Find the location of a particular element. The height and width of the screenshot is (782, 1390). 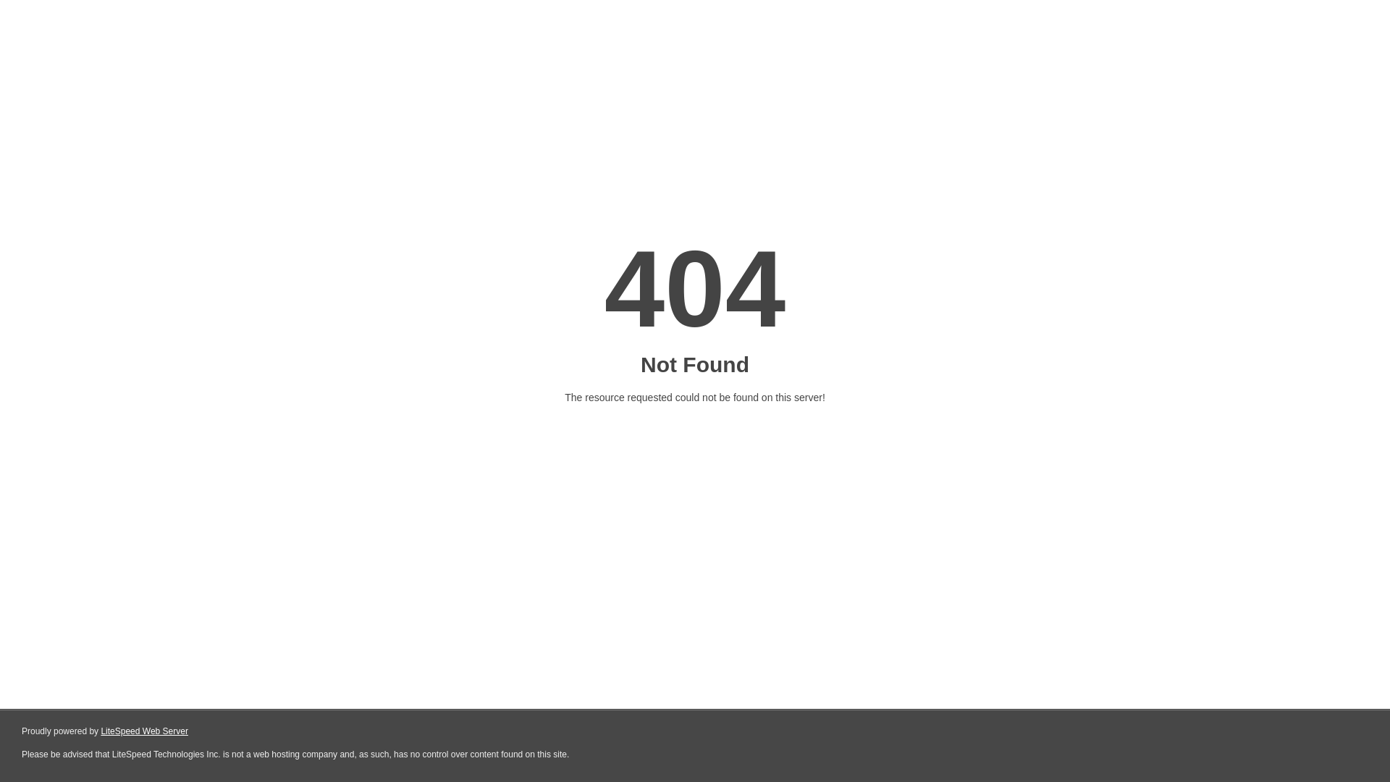

'LiteSpeed Web Server' is located at coordinates (100, 731).